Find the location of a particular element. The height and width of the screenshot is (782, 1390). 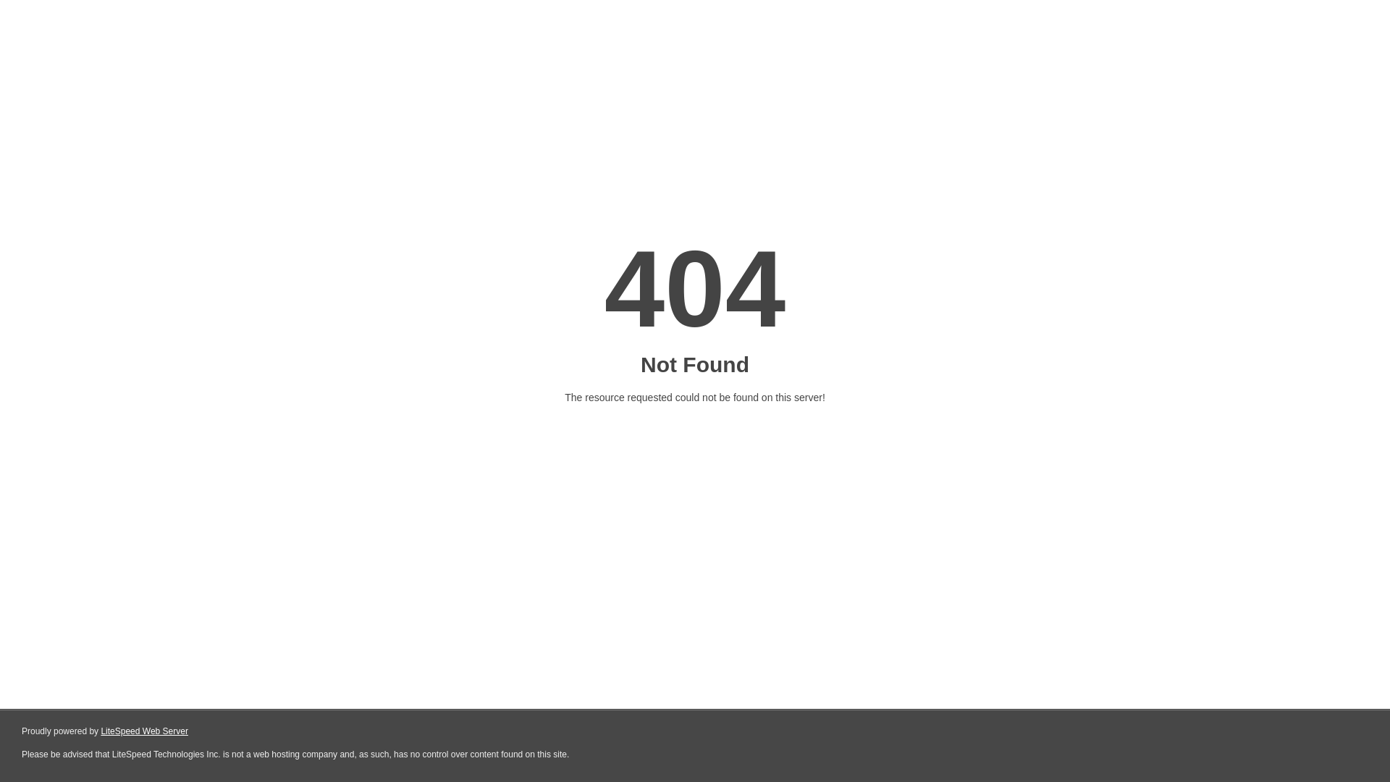

'LiteSpeed Web Server' is located at coordinates (100, 731).